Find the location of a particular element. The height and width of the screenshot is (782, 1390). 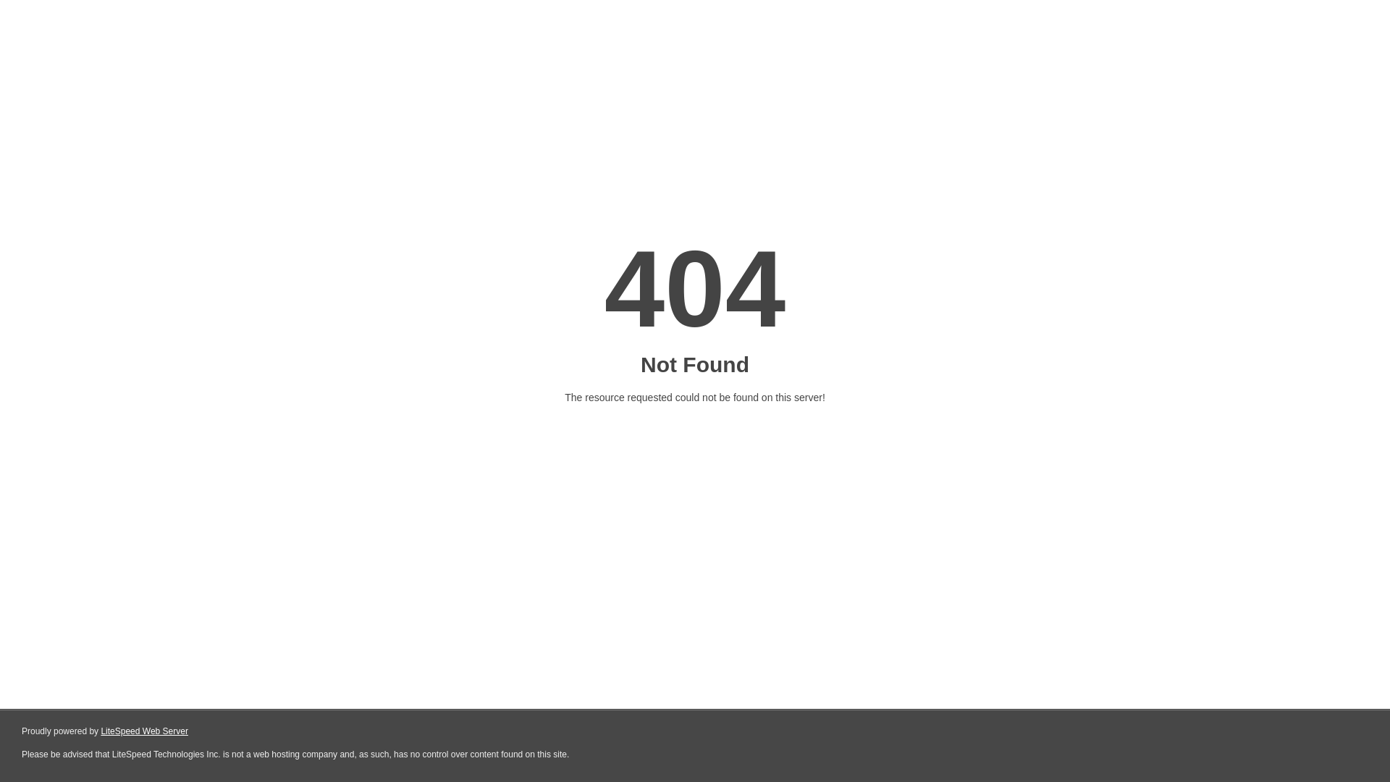

'LiteSpeed Web Server' is located at coordinates (100, 731).